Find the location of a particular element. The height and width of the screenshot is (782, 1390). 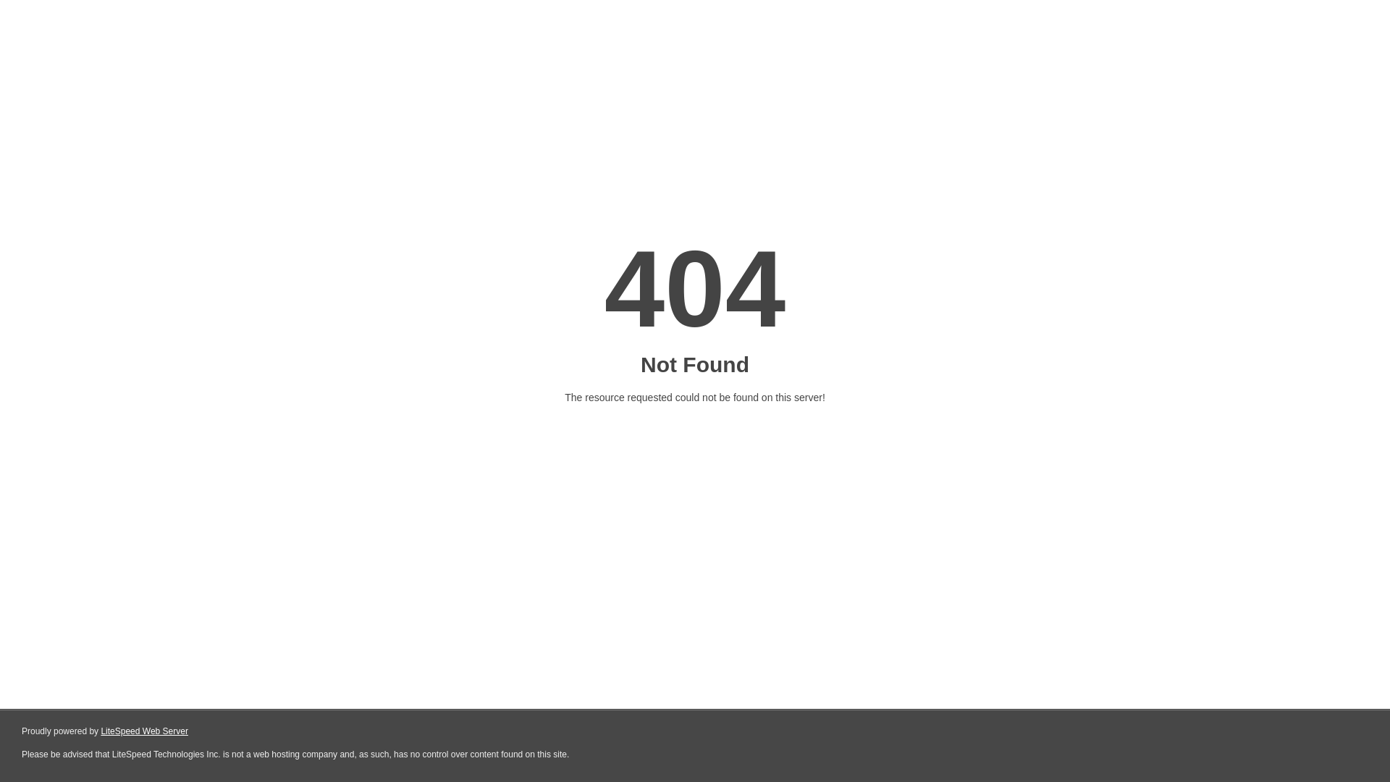

'LiteSpeed Web Server' is located at coordinates (100, 731).